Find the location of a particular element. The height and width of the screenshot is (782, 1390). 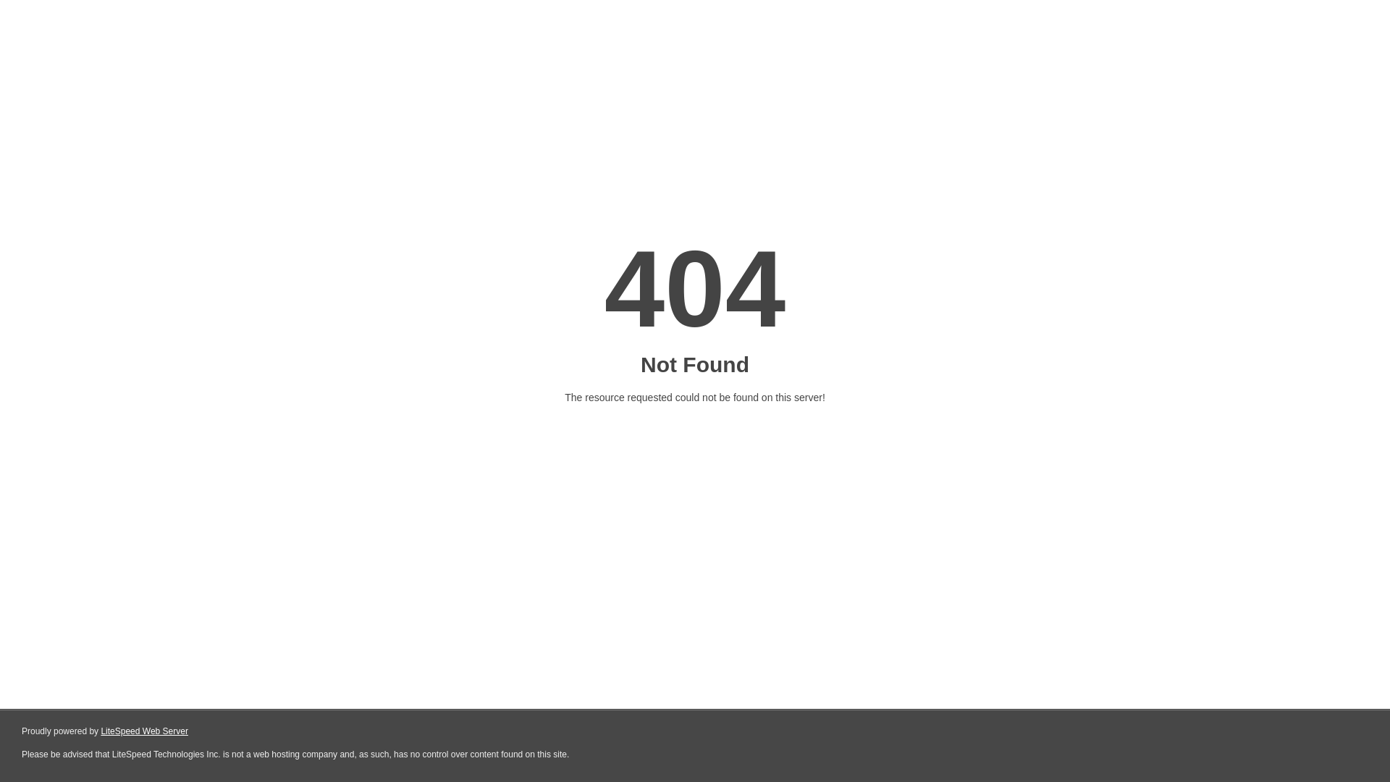

'LiteSpeed Web Server' is located at coordinates (100, 731).